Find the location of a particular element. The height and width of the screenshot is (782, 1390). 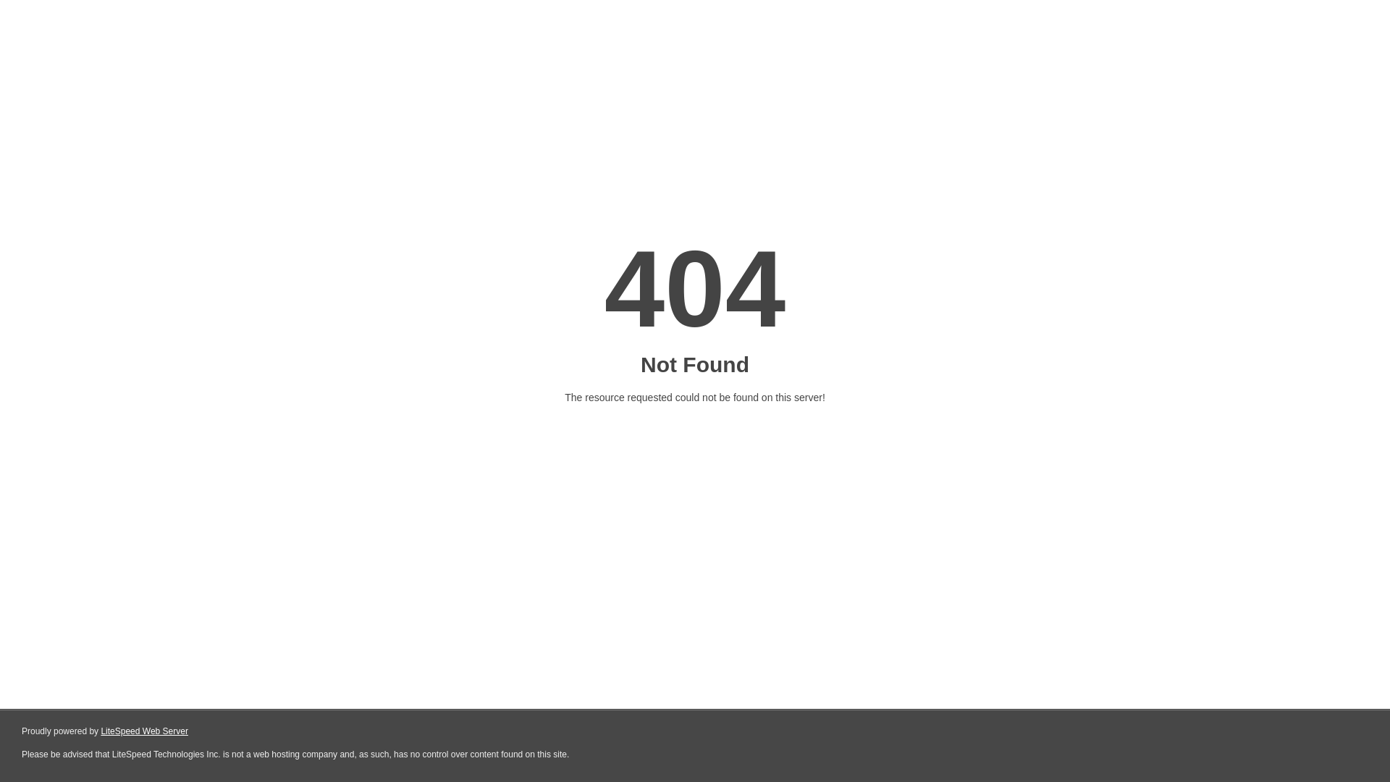

'LiteSpeed Web Server' is located at coordinates (100, 731).